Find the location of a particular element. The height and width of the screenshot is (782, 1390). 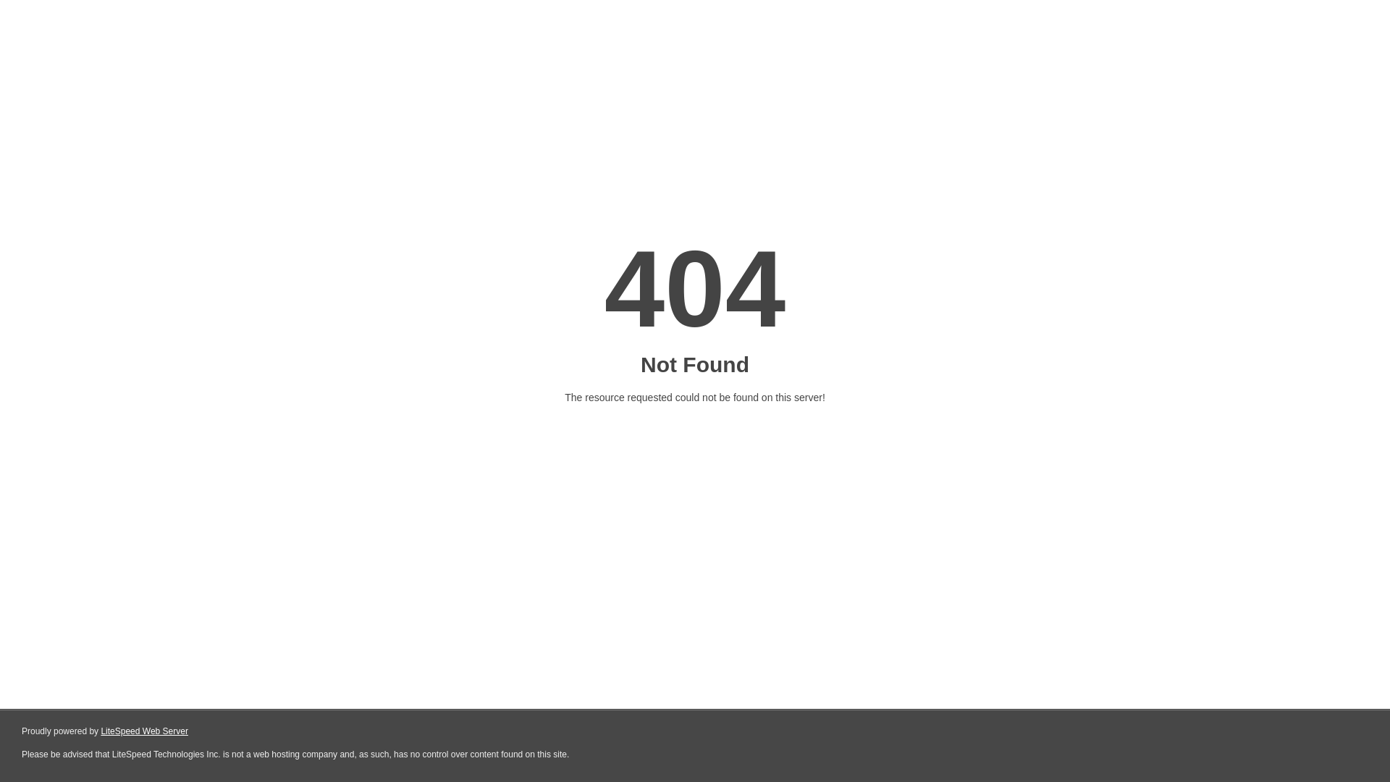

'LiteSpeed Web Server' is located at coordinates (100, 731).